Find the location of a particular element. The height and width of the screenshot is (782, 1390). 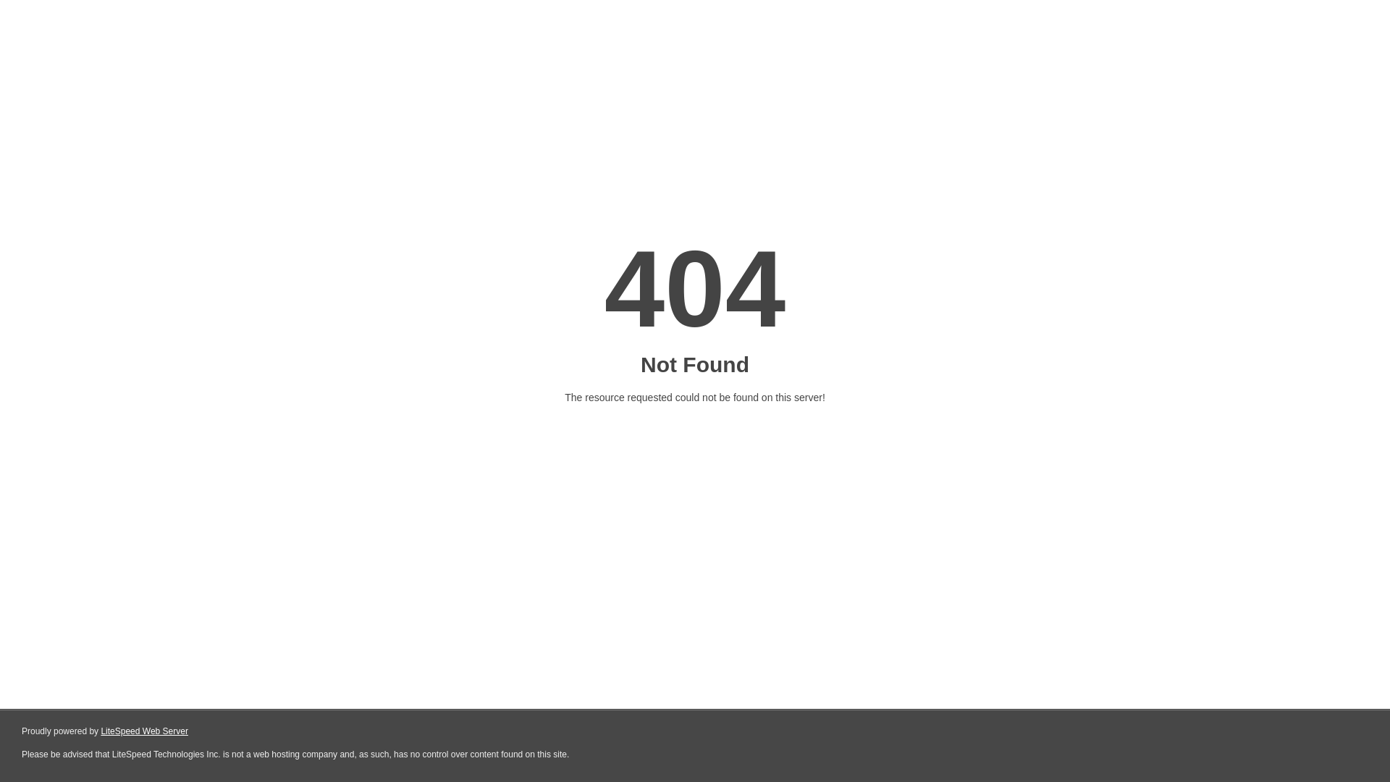

'LiteSpeed Web Server' is located at coordinates (100, 731).